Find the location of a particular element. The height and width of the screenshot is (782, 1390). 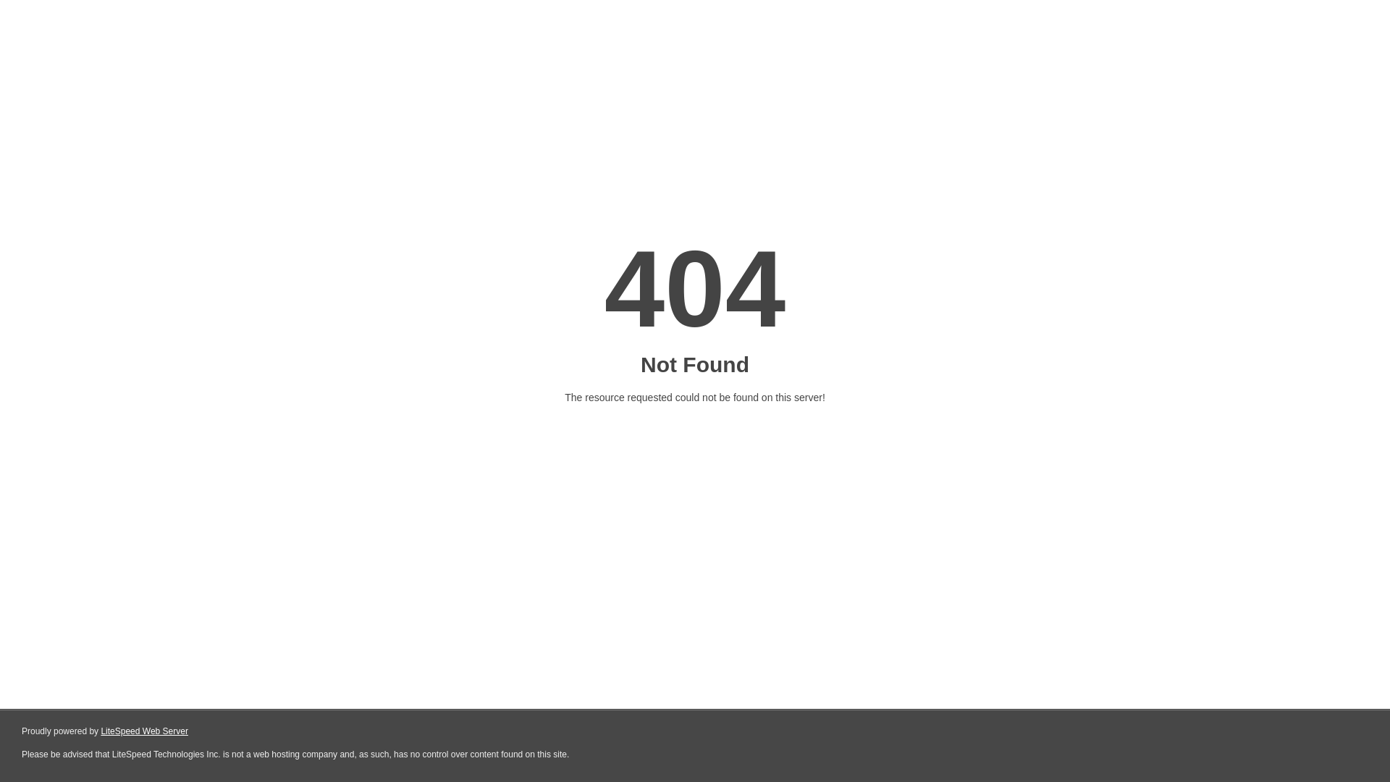

'LiteSpeed Web Server' is located at coordinates (100, 731).